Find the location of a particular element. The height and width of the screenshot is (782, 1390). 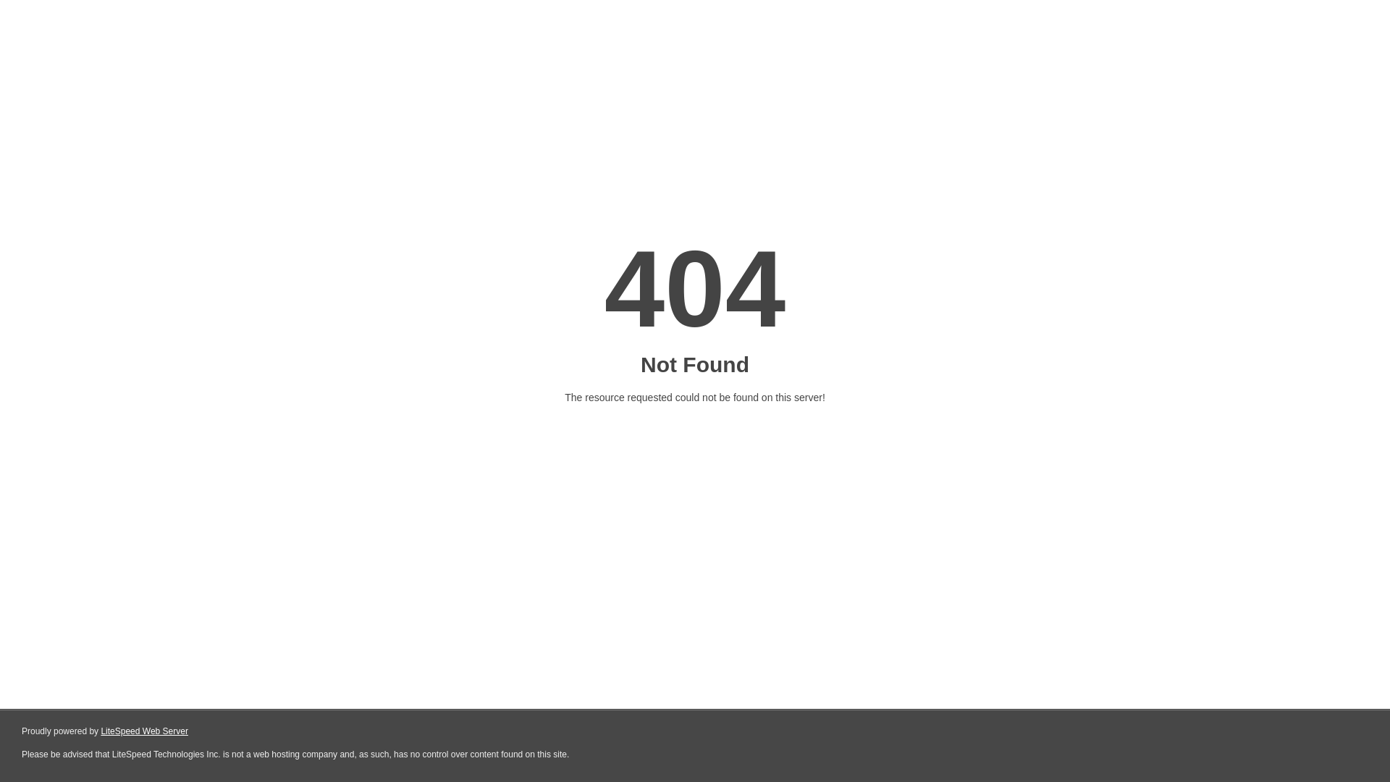

'LiteSpeed Web Server' is located at coordinates (100, 731).